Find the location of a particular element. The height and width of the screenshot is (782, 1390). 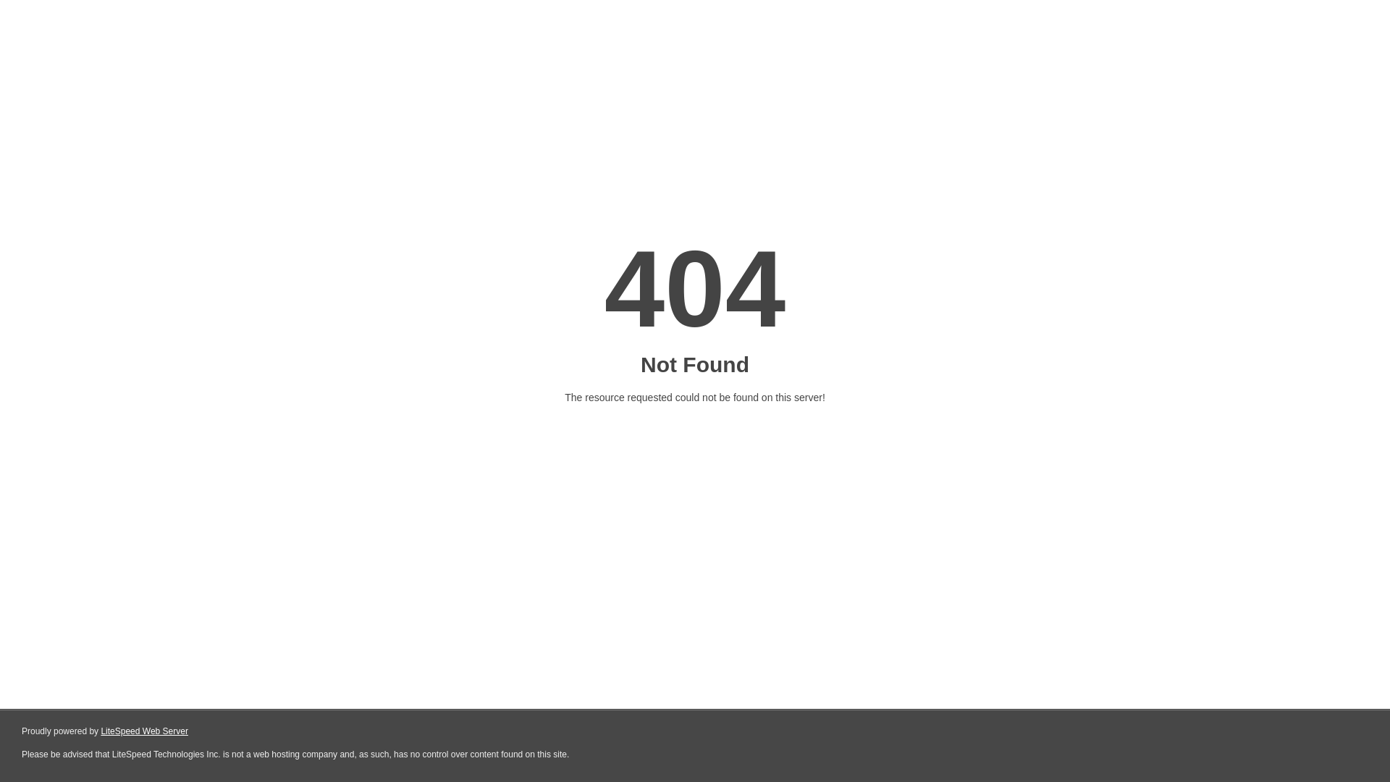

'LiteSpeed Web Server' is located at coordinates (100, 731).